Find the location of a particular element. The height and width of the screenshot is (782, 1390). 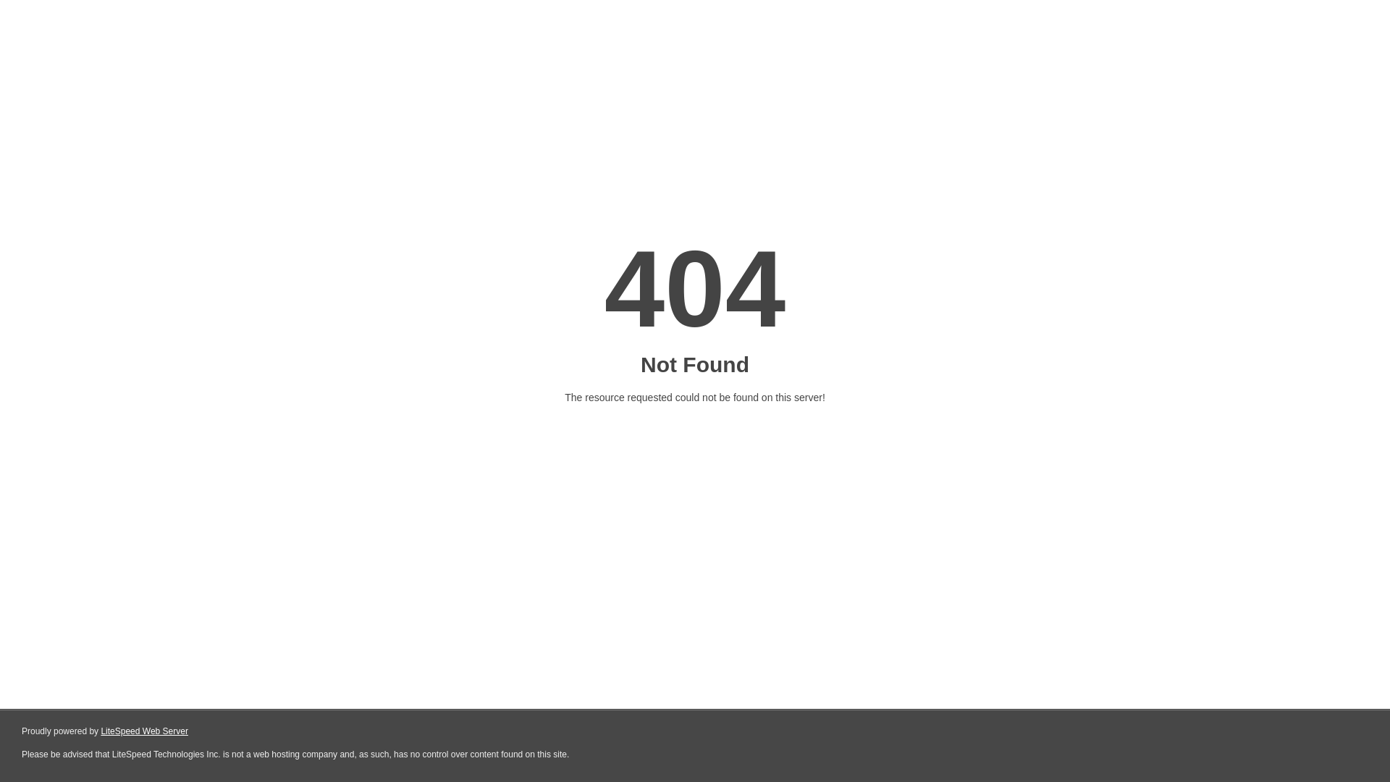

'LiteSpeed Web Server' is located at coordinates (100, 731).